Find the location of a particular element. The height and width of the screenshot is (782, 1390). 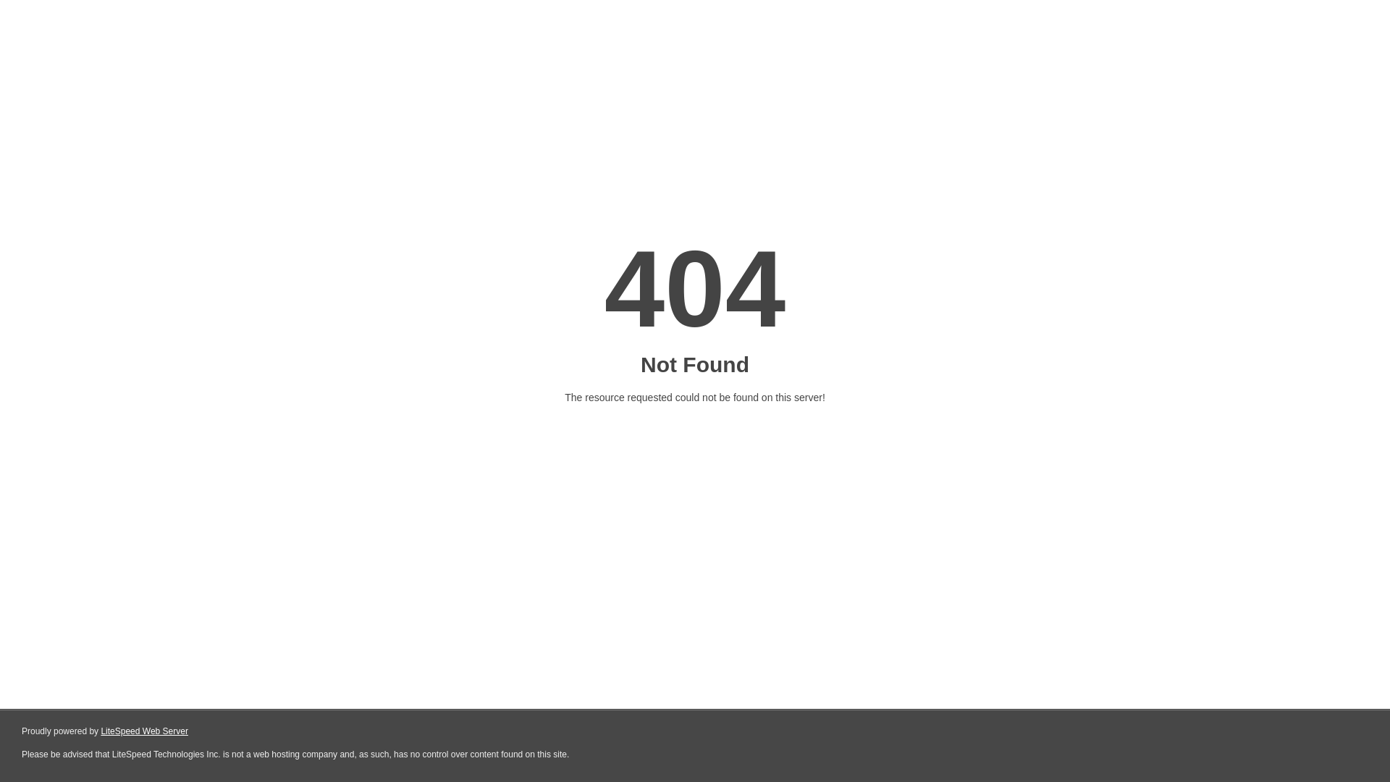

'LiteSpeed Web Server' is located at coordinates (100, 731).